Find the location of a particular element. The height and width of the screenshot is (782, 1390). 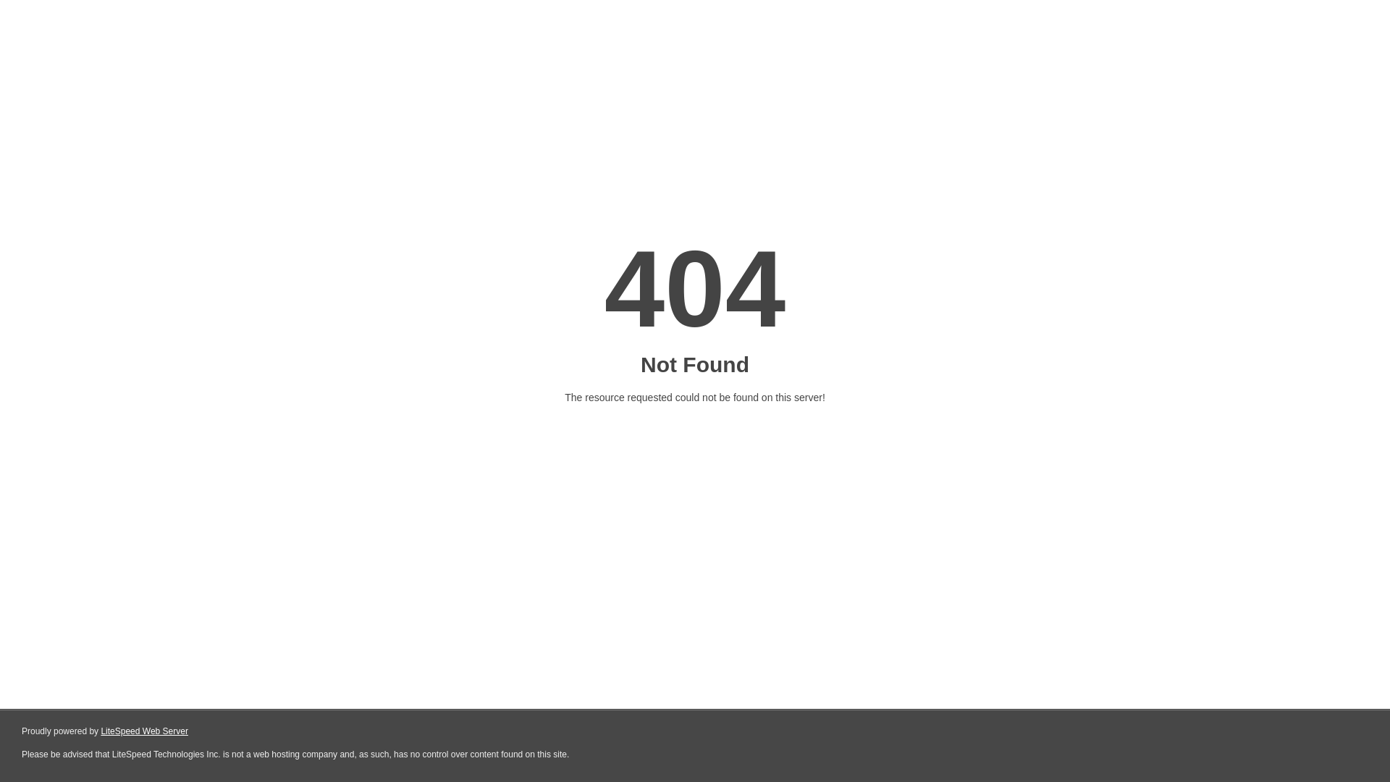

'LiteSpeed Web Server' is located at coordinates (100, 731).